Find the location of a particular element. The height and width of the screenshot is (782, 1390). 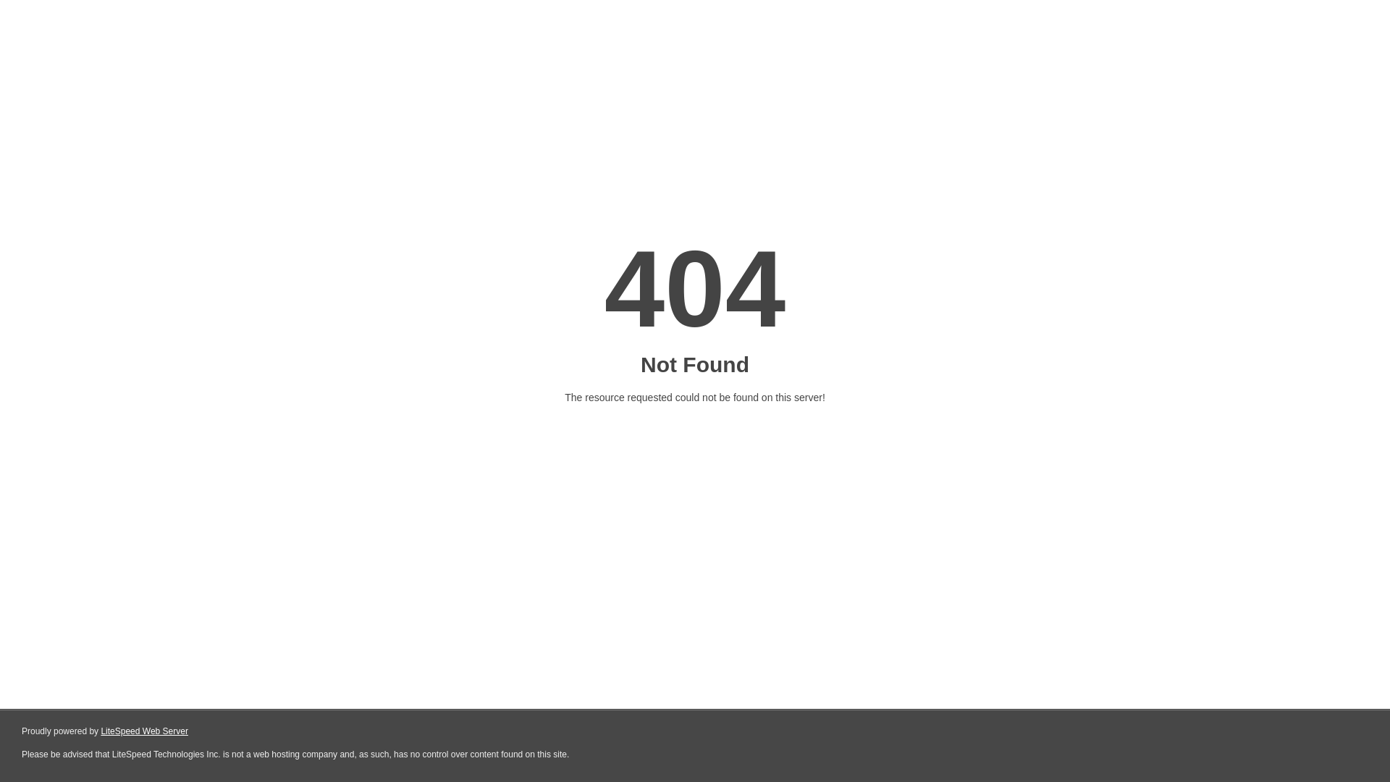

'LiteSpeed Web Server' is located at coordinates (100, 731).